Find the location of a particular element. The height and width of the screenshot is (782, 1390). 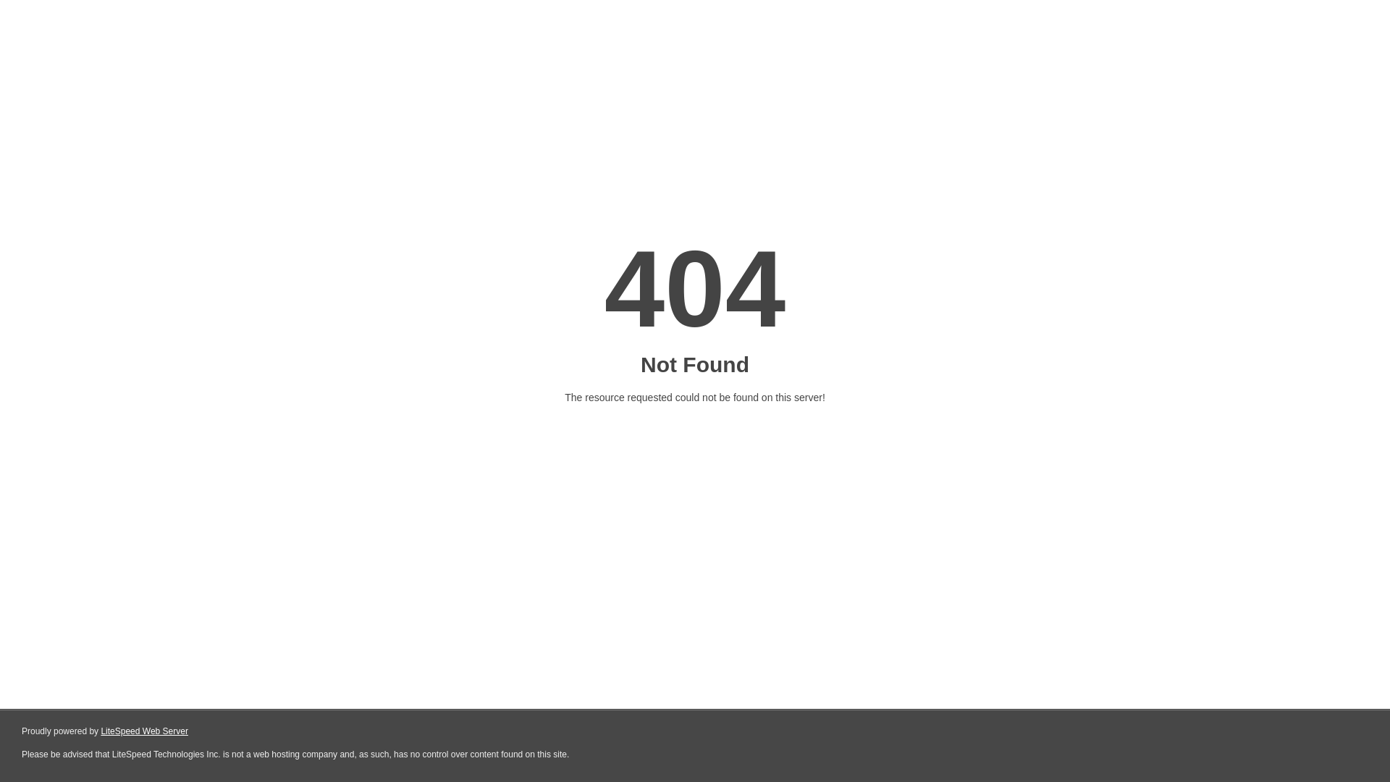

'LiteSpeed Web Server' is located at coordinates (100, 731).